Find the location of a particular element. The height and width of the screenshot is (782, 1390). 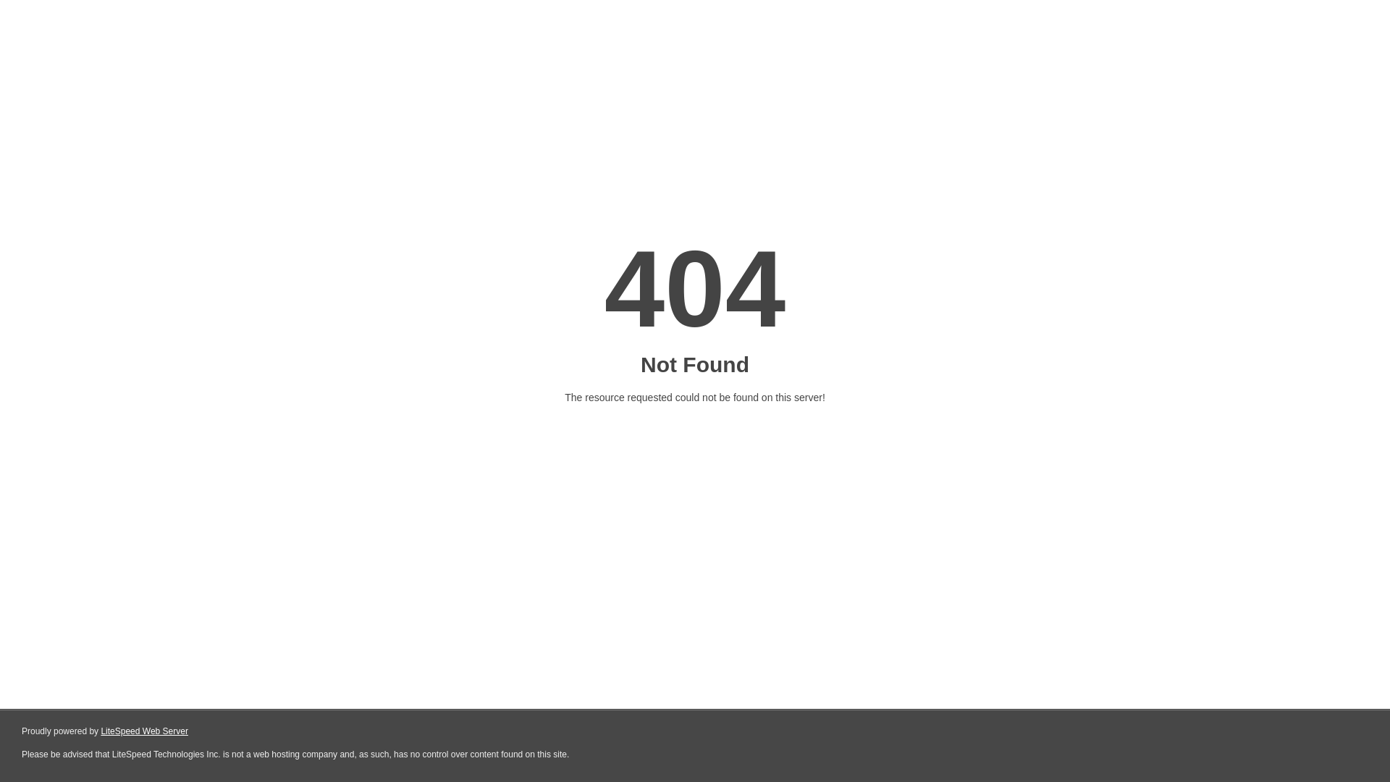

'LiteSpeed Web Server' is located at coordinates (100, 731).